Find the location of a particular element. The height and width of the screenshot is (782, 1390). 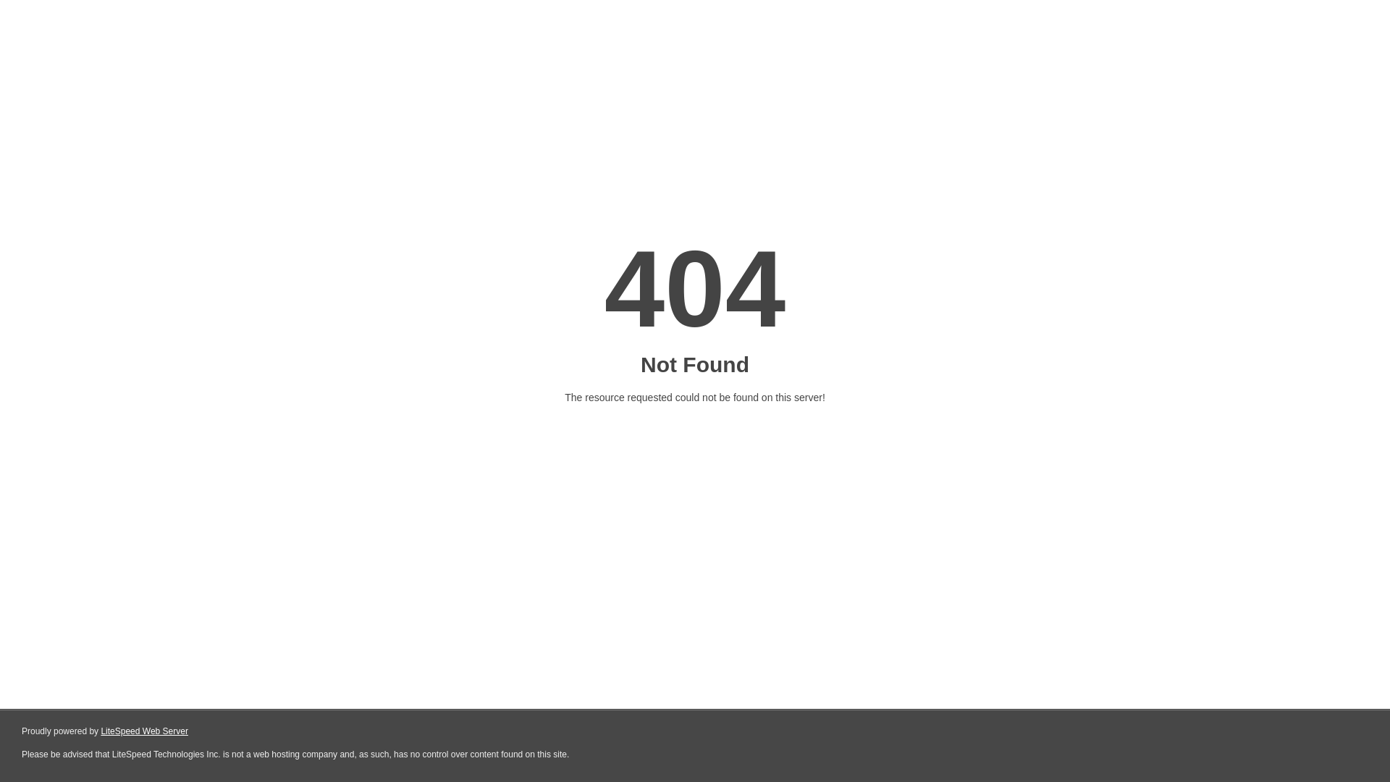

'LiteSpeed Web Server' is located at coordinates (100, 731).